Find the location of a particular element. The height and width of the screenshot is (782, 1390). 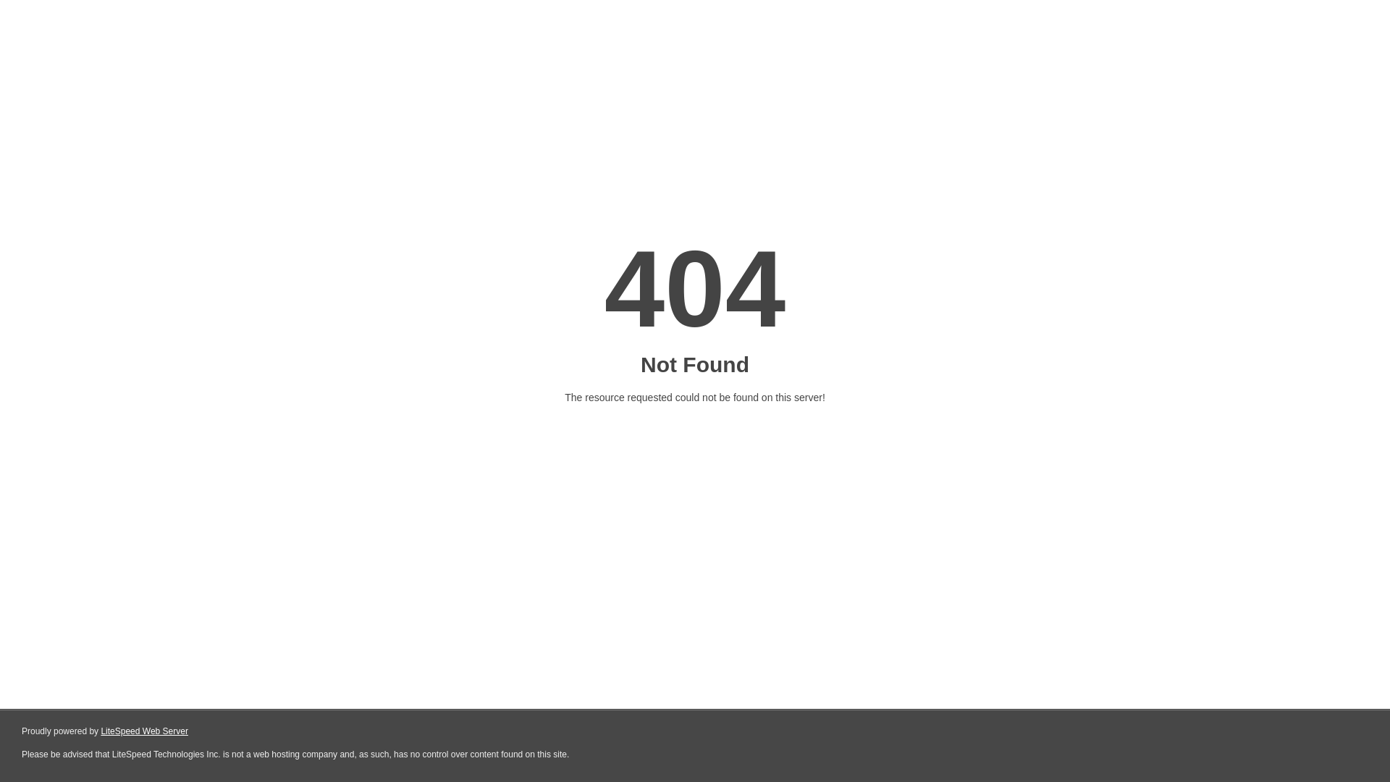

'LiteSpeed Web Server' is located at coordinates (100, 731).